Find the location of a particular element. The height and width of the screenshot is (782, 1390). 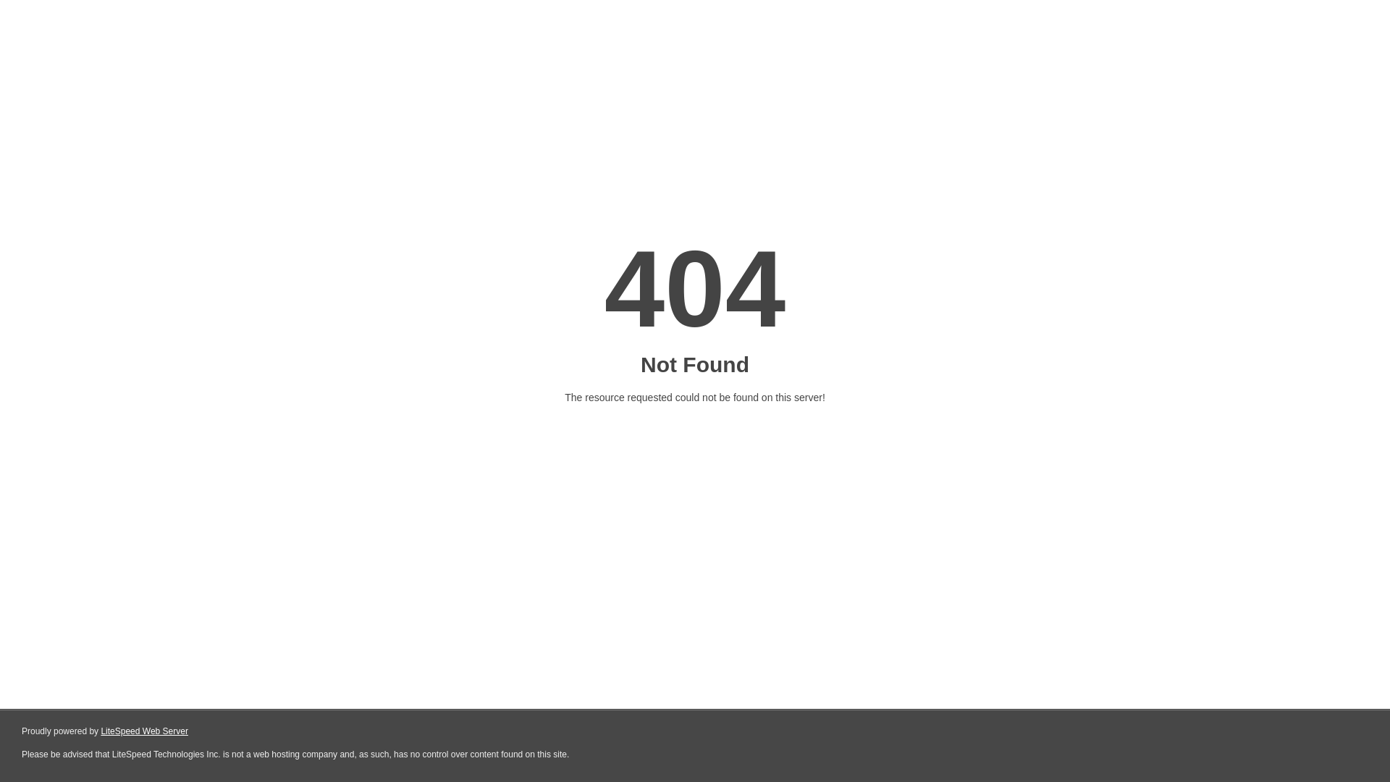

'LiteSpeed Web Server' is located at coordinates (100, 731).